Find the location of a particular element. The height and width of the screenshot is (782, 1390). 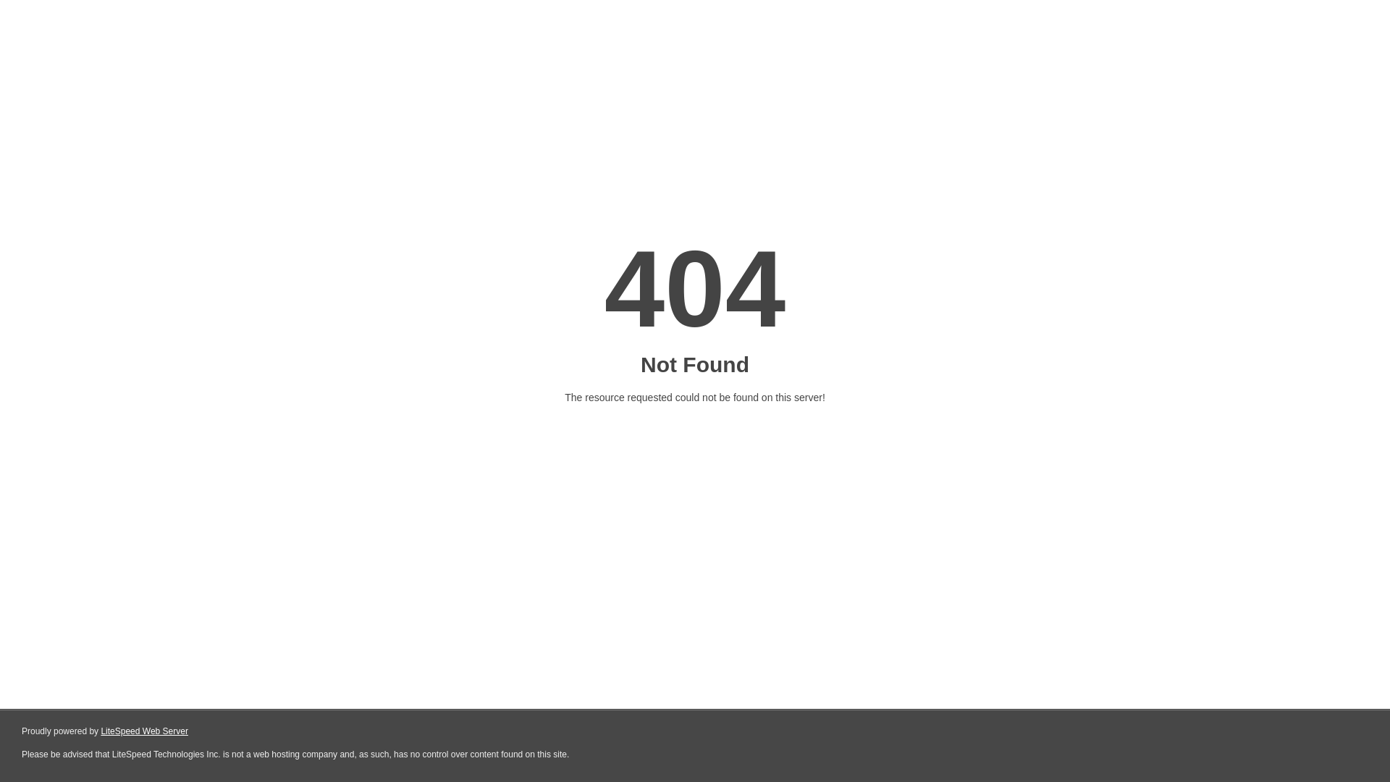

'LiteSpeed Web Server' is located at coordinates (100, 731).